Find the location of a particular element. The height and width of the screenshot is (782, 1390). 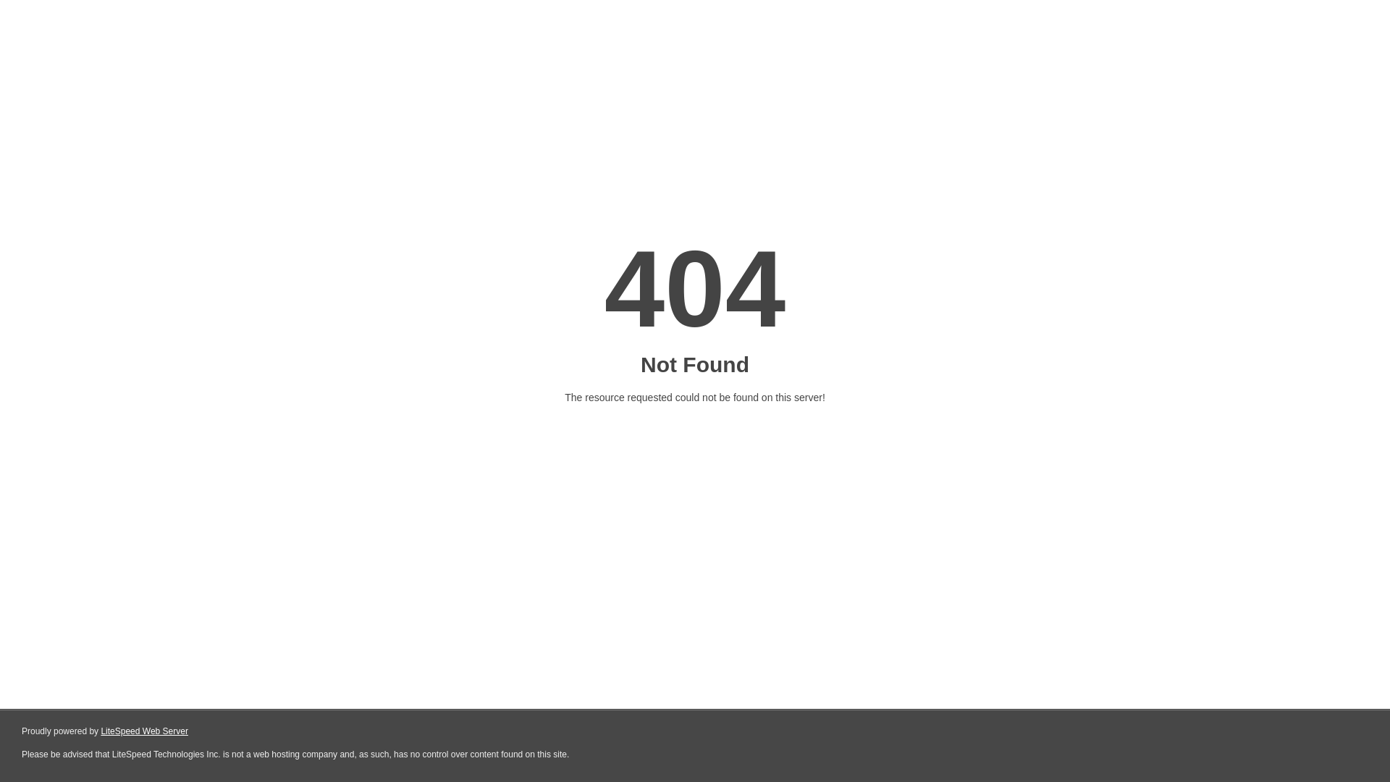

'LiteSpeed Web Server' is located at coordinates (100, 731).